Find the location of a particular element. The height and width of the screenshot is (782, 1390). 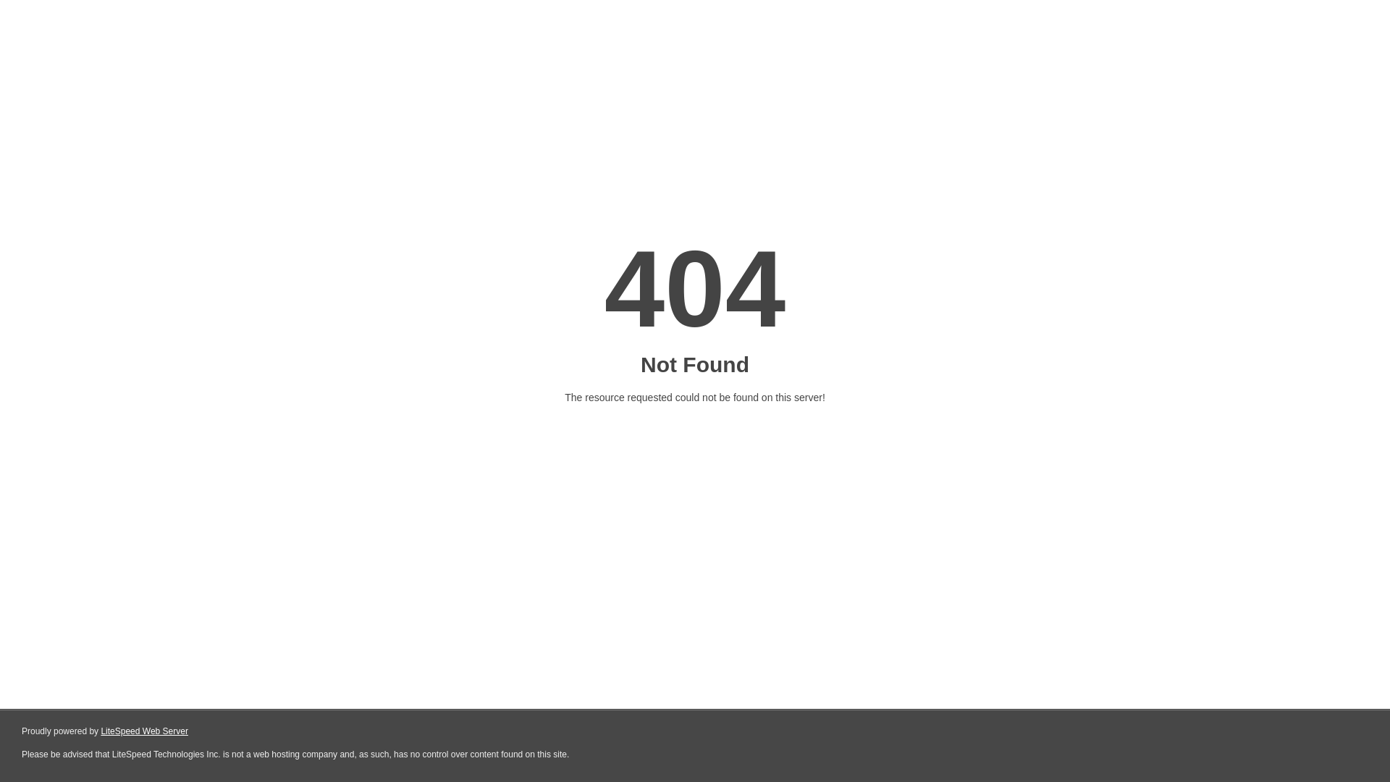

'LiteSpeed Web Server' is located at coordinates (100, 731).